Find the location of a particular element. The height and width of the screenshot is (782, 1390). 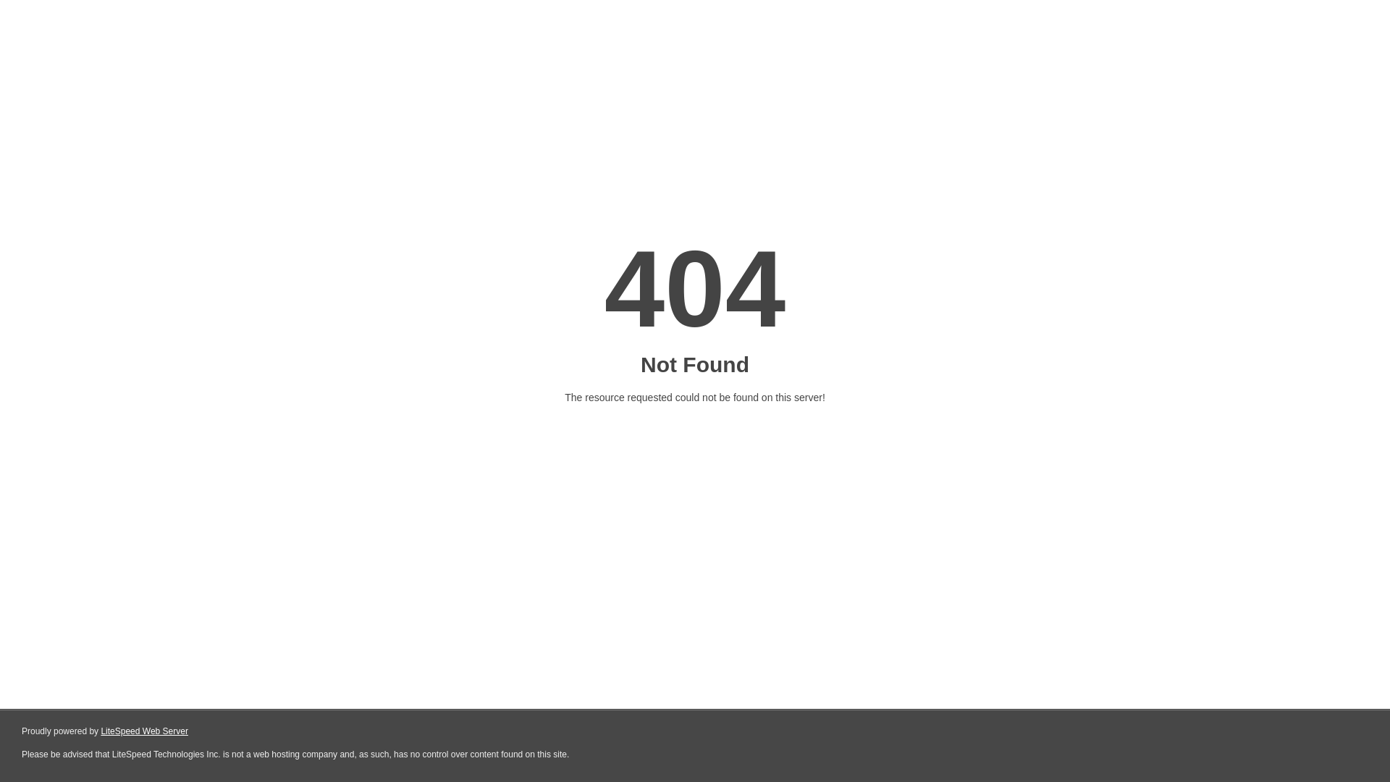

'LiteSpeed Web Server' is located at coordinates (100, 731).